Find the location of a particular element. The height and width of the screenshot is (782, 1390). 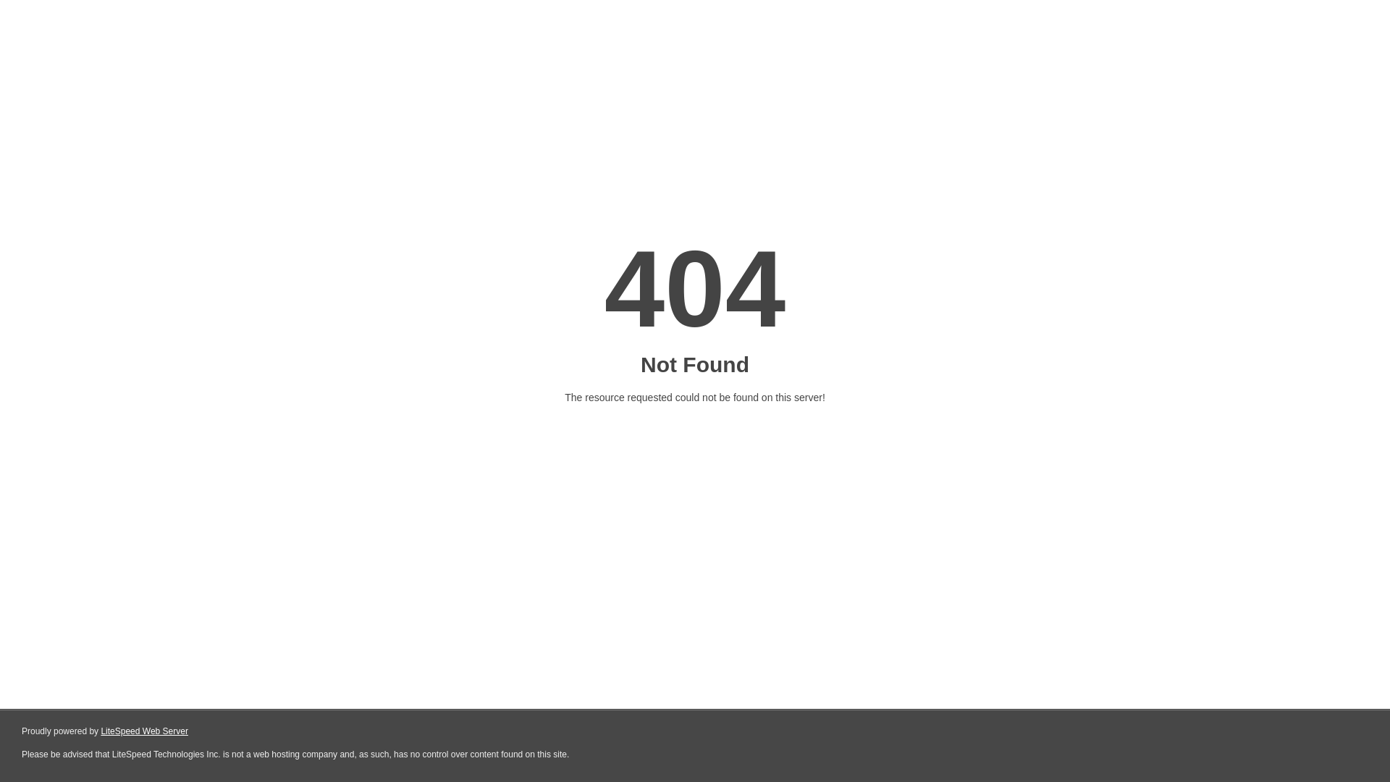

'LiteSpeed Web Server' is located at coordinates (100, 731).